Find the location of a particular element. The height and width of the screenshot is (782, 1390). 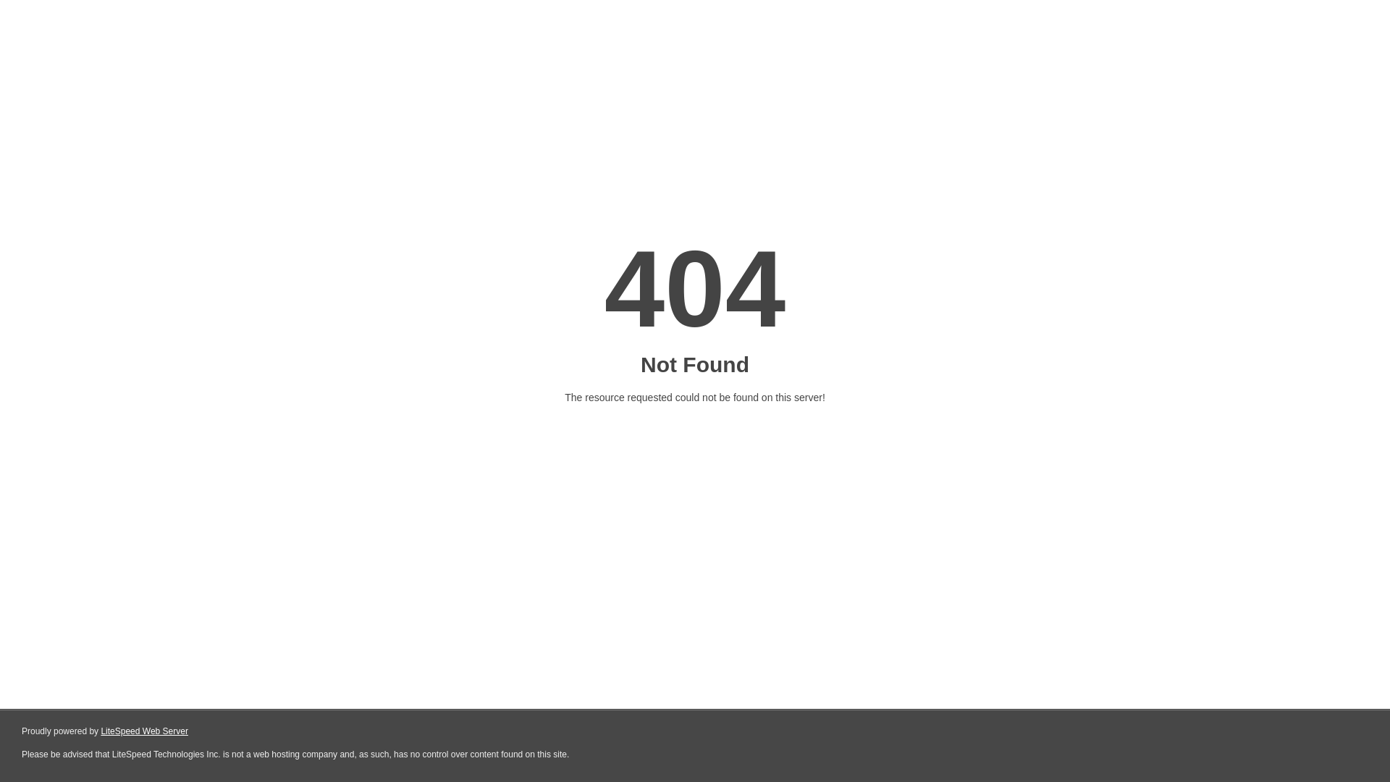

'LiteSpeed Web Server' is located at coordinates (100, 731).